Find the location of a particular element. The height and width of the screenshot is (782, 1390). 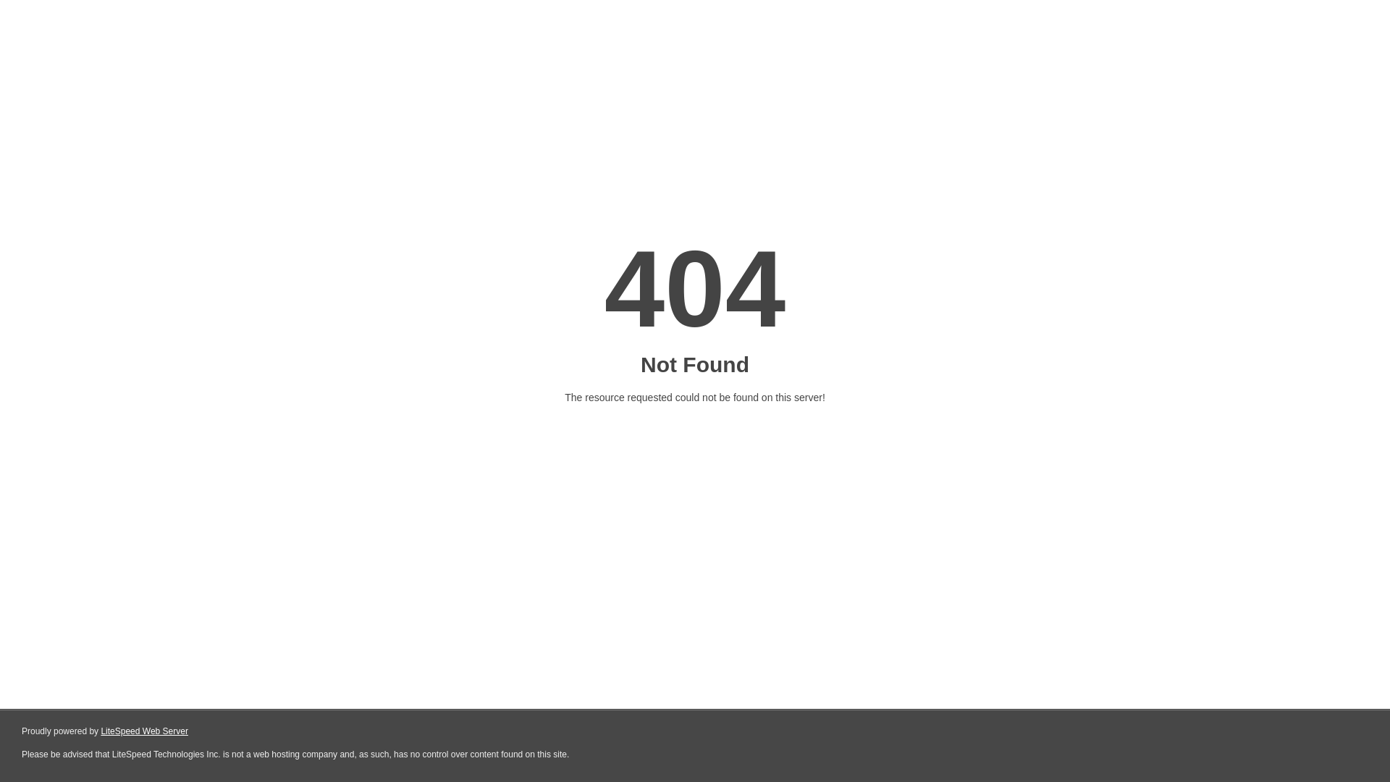

'LiteSpeed Web Server' is located at coordinates (100, 731).